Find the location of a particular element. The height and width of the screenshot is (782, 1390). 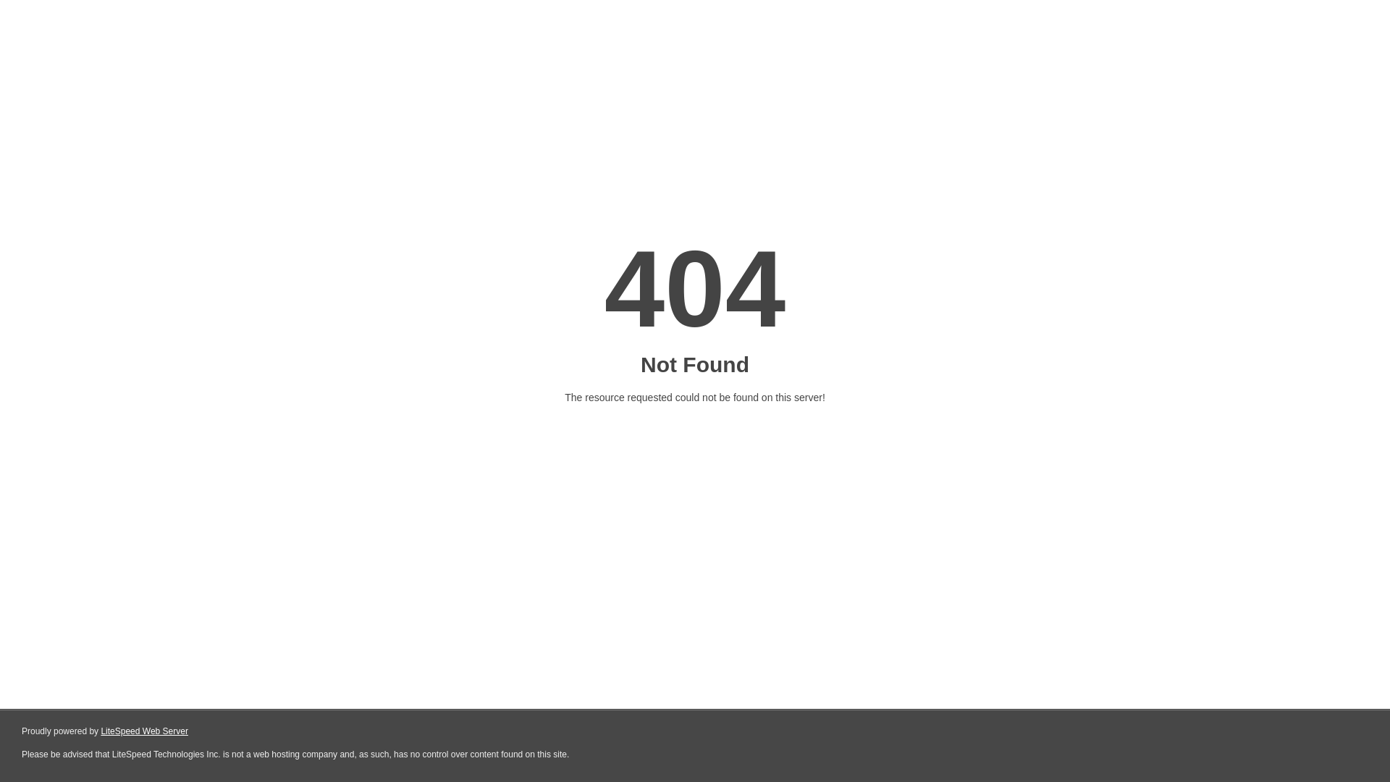

'LiteSpeed Web Server' is located at coordinates (100, 731).